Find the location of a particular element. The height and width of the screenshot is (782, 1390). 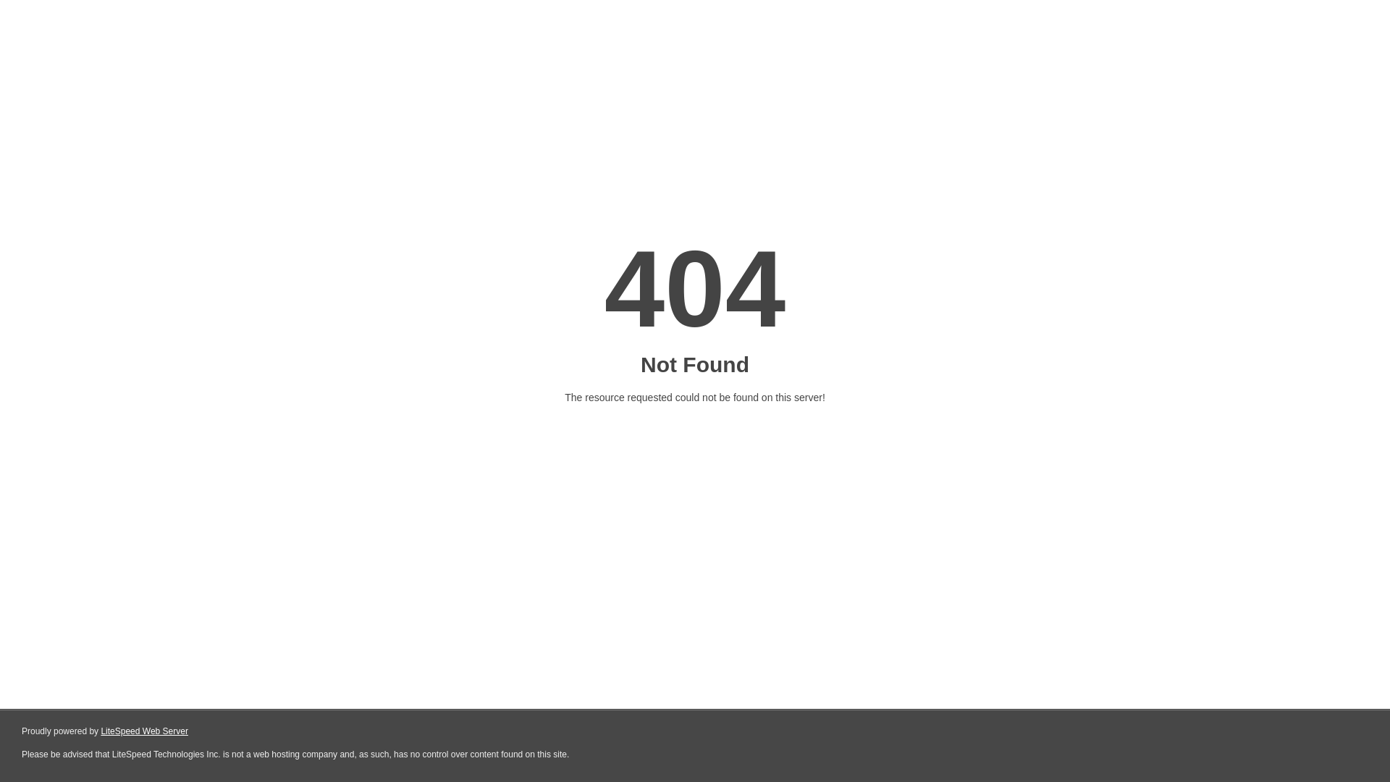

'LiteSpeed Web Server' is located at coordinates (100, 731).